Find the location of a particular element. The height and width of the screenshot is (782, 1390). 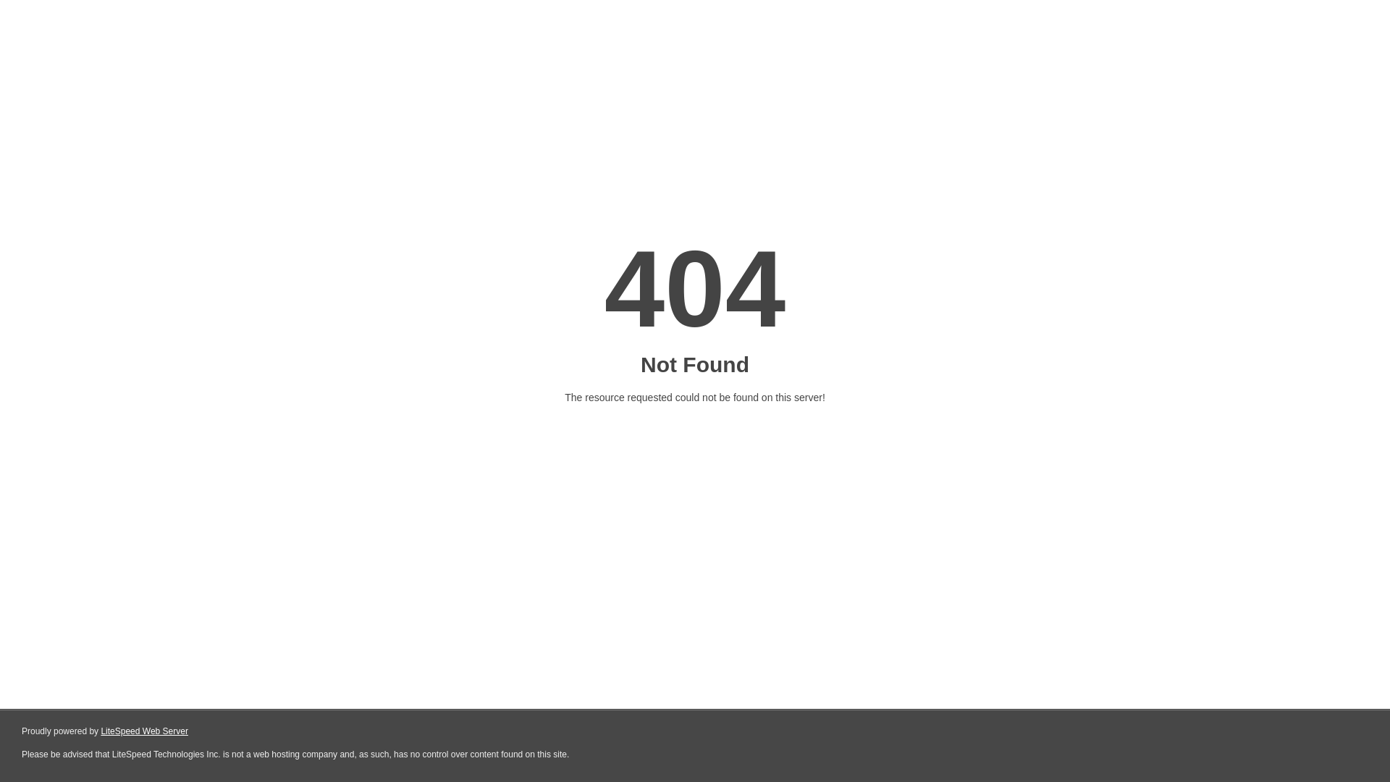

'LiteSpeed Web Server' is located at coordinates (100, 731).